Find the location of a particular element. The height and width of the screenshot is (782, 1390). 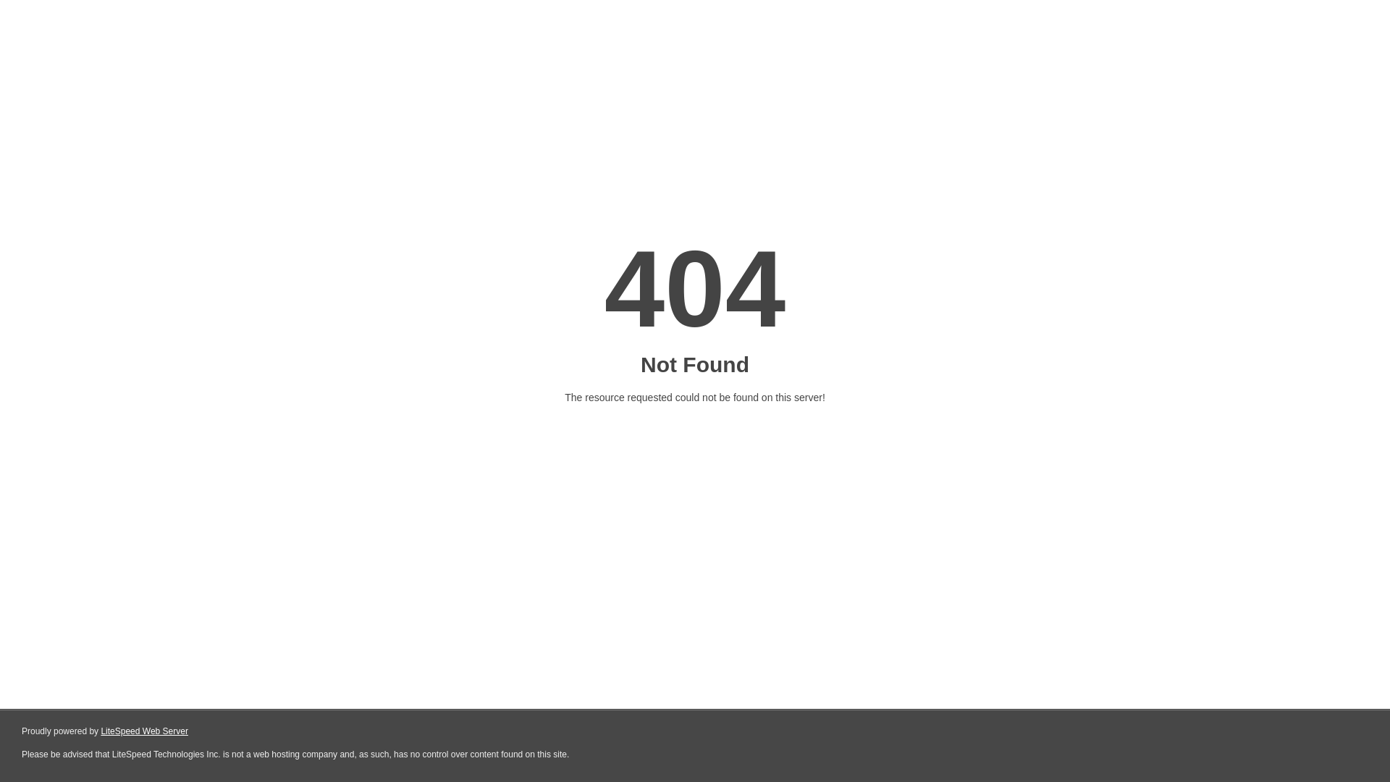

'LiteSpeed Web Server' is located at coordinates (100, 731).